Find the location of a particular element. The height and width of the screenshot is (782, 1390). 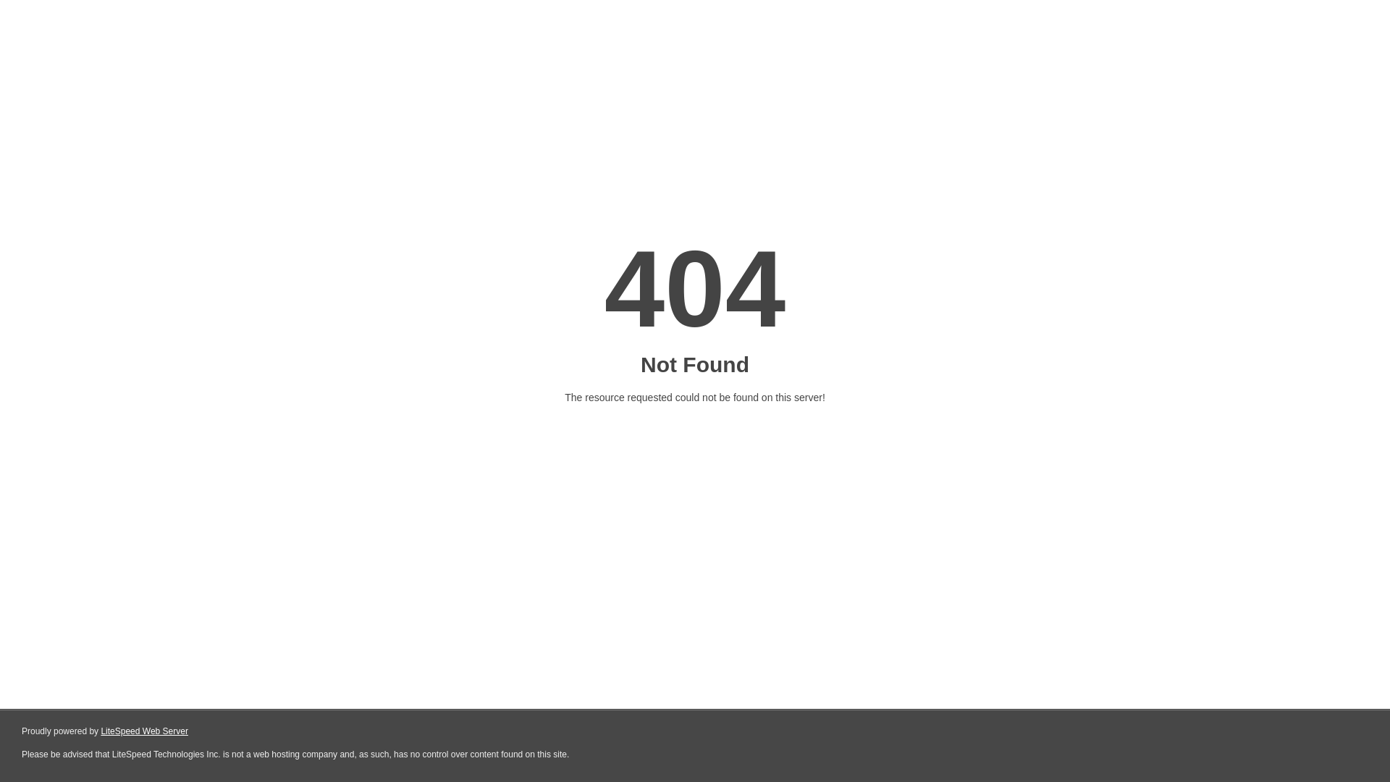

'LiteSpeed Web Server' is located at coordinates (100, 731).